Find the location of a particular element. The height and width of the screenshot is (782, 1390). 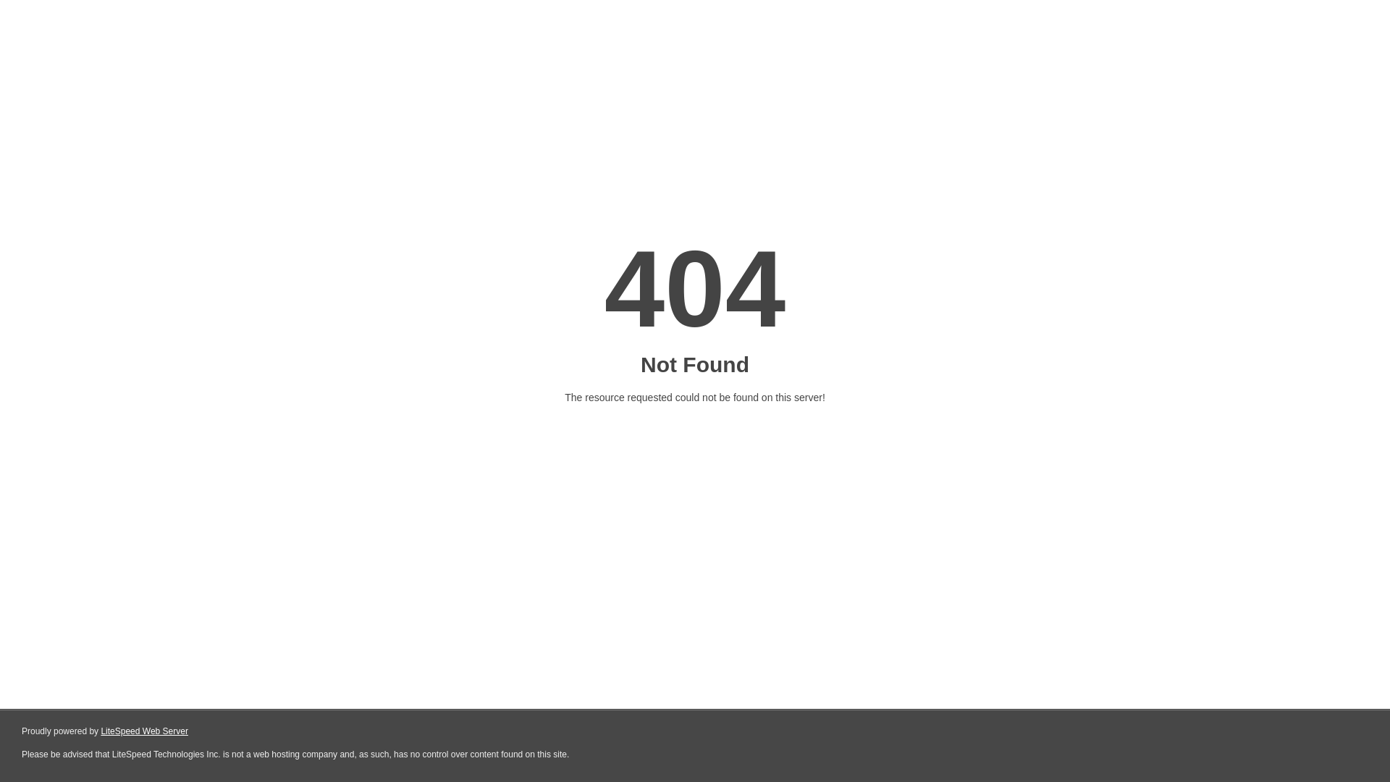

'LiteSpeed Web Server' is located at coordinates (100, 731).